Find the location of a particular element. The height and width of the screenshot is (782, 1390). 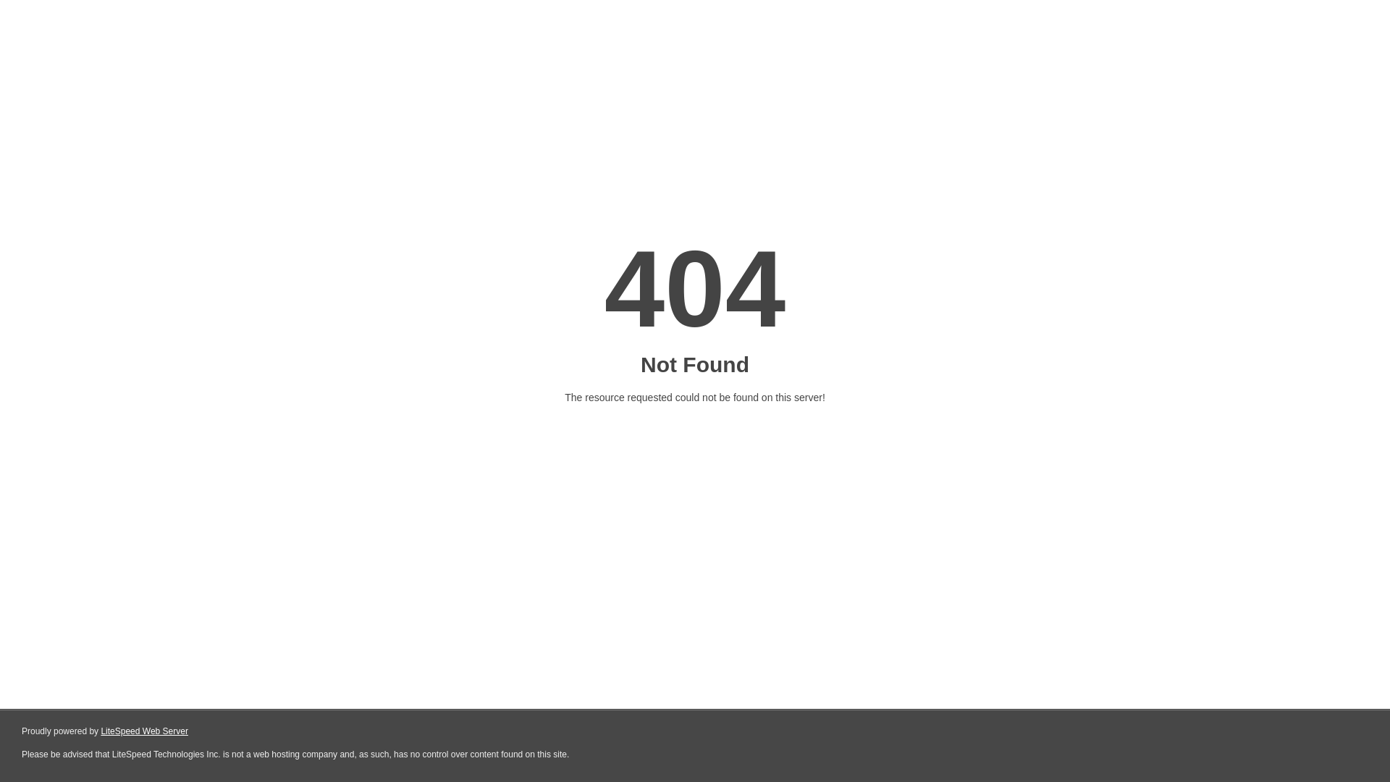

'LiteSpeed Web Server' is located at coordinates (100, 731).